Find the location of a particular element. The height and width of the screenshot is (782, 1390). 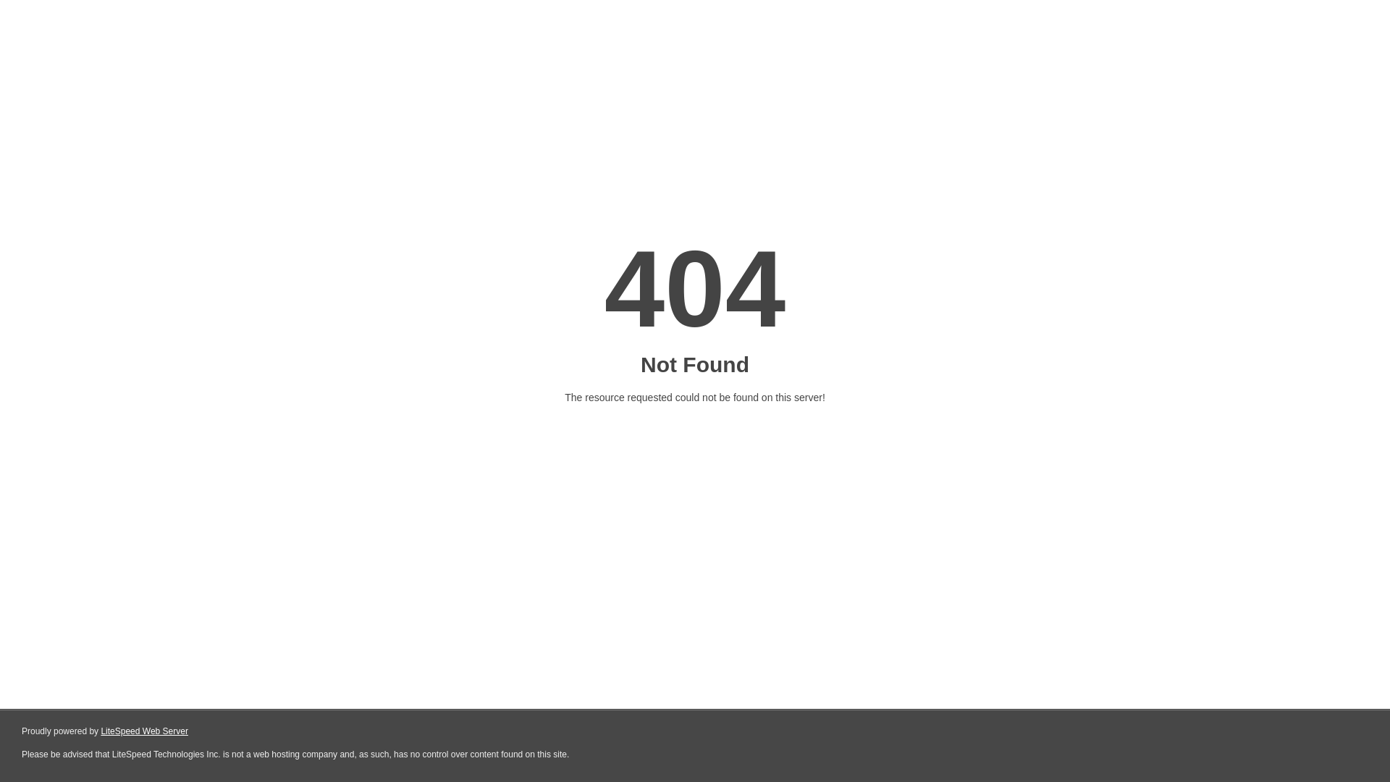

'LiteSpeed Web Server' is located at coordinates (100, 731).